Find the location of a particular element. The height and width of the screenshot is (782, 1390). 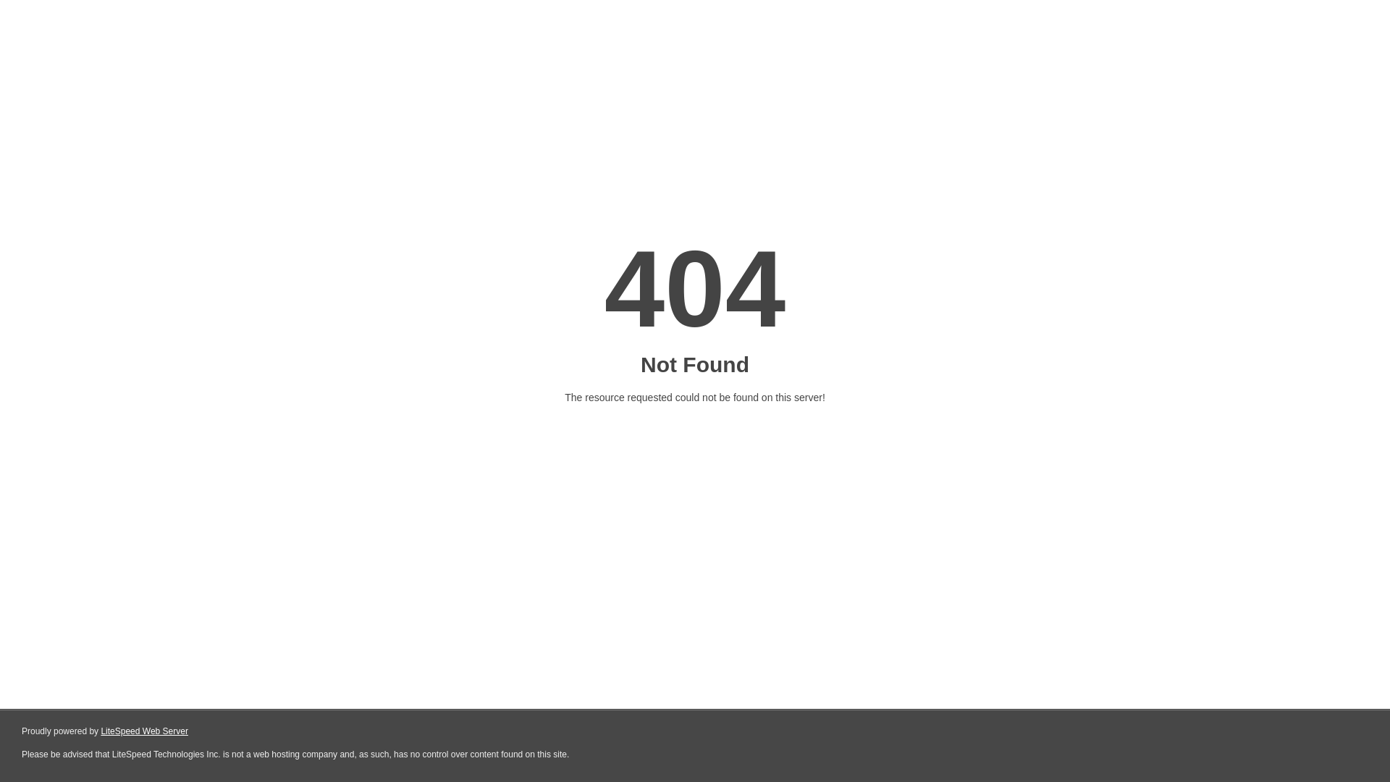

'LiteSpeed Web Server' is located at coordinates (100, 731).